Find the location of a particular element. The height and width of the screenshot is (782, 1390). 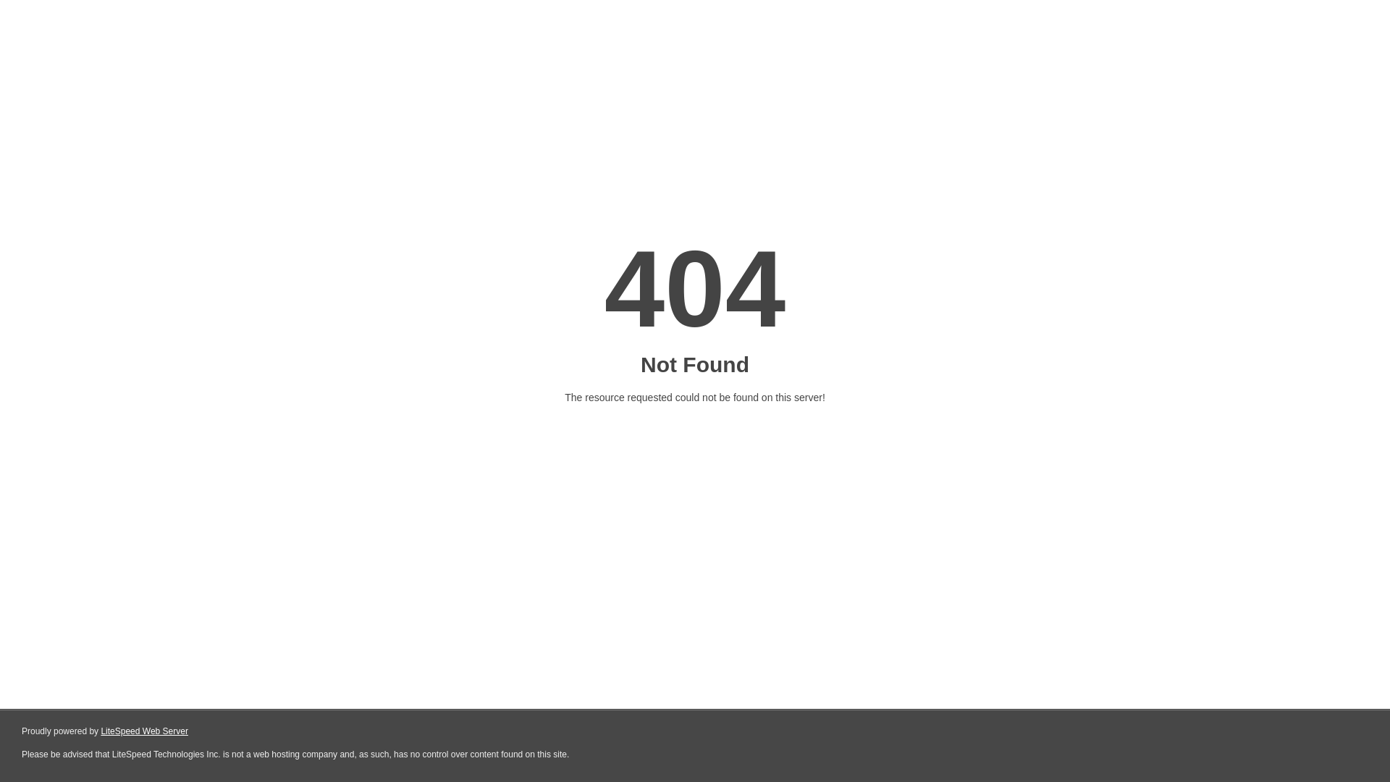

'LiteSpeed Web Server' is located at coordinates (100, 731).